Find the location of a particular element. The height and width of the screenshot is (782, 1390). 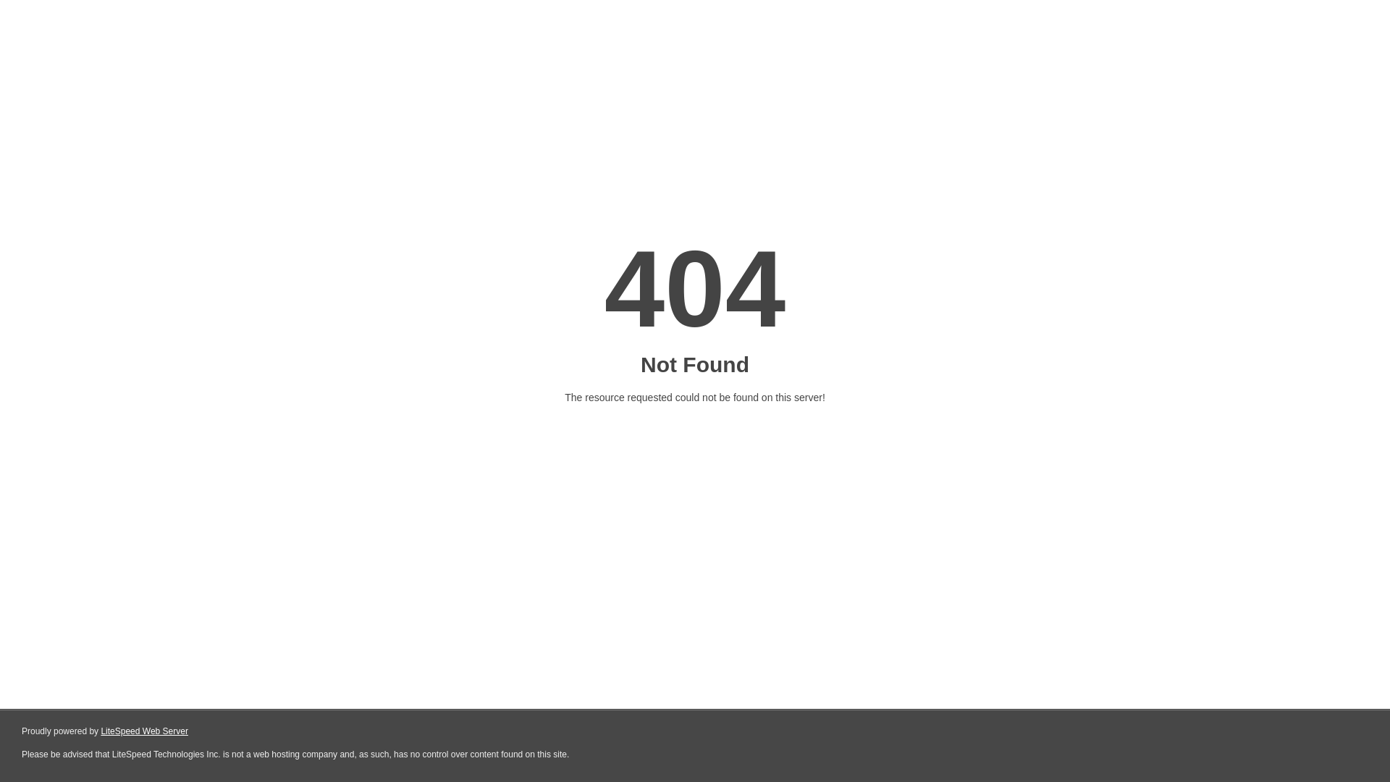

'LiteSpeed Web Server' is located at coordinates (100, 731).